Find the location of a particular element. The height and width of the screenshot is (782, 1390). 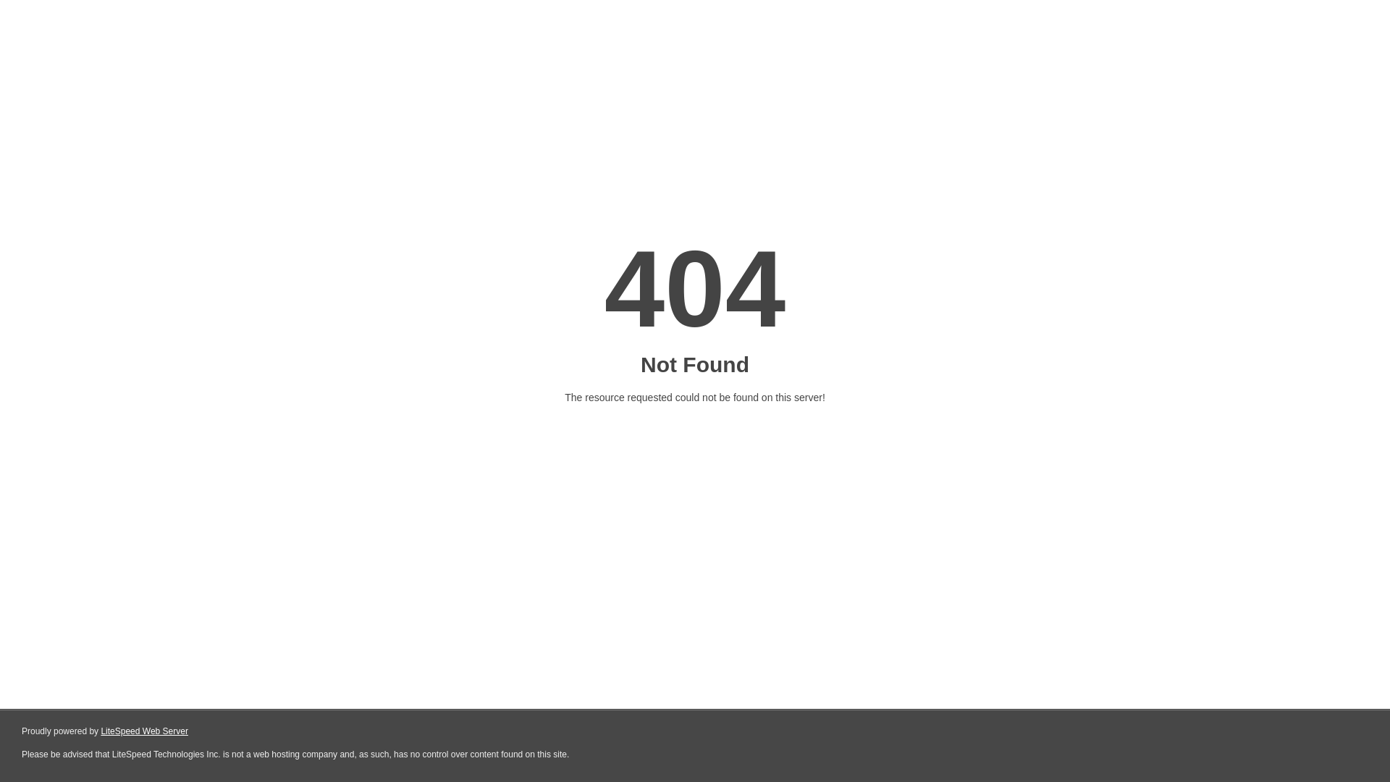

'LiteSpeed Web Server' is located at coordinates (100, 731).